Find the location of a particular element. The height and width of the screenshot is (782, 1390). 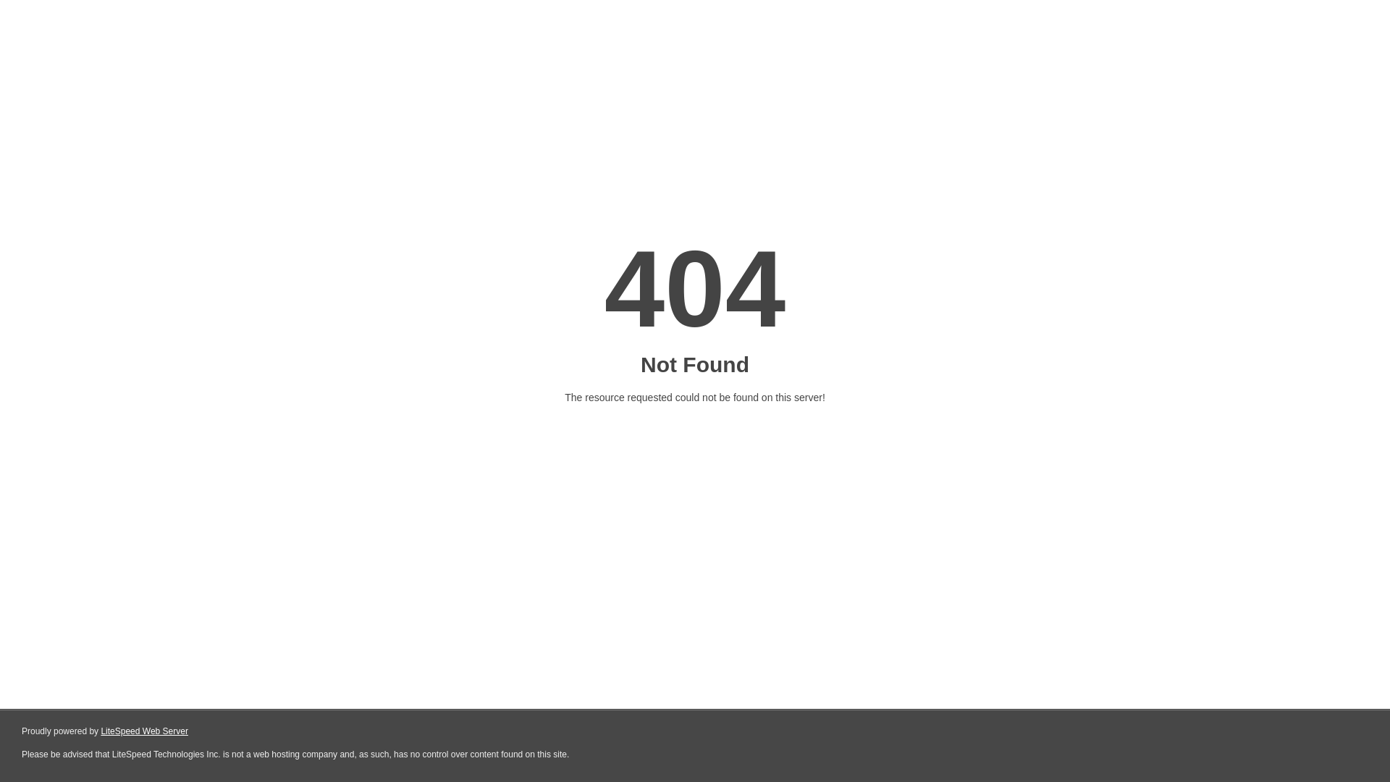

'LiteSpeed Web Server' is located at coordinates (100, 731).